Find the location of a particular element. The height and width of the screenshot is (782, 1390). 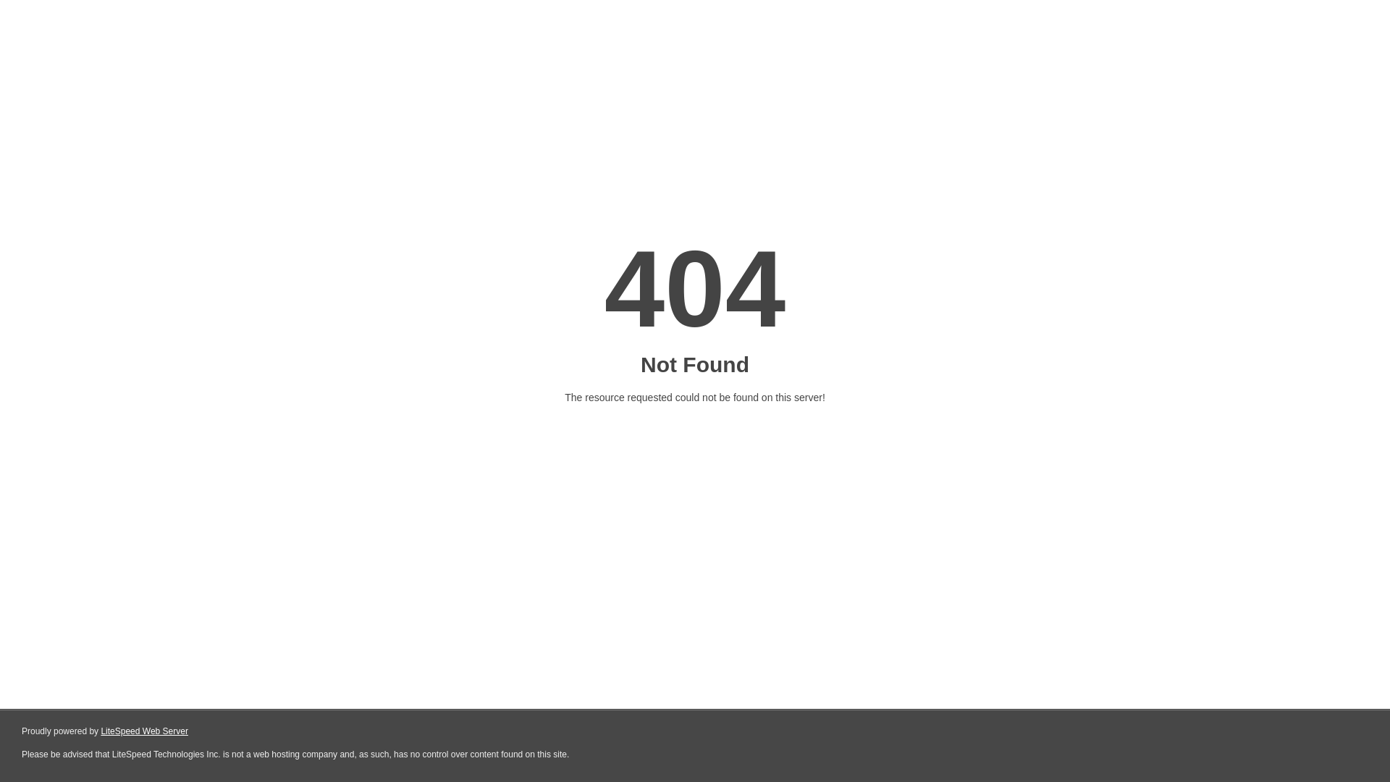

'LiteSpeed Web Server' is located at coordinates (100, 731).